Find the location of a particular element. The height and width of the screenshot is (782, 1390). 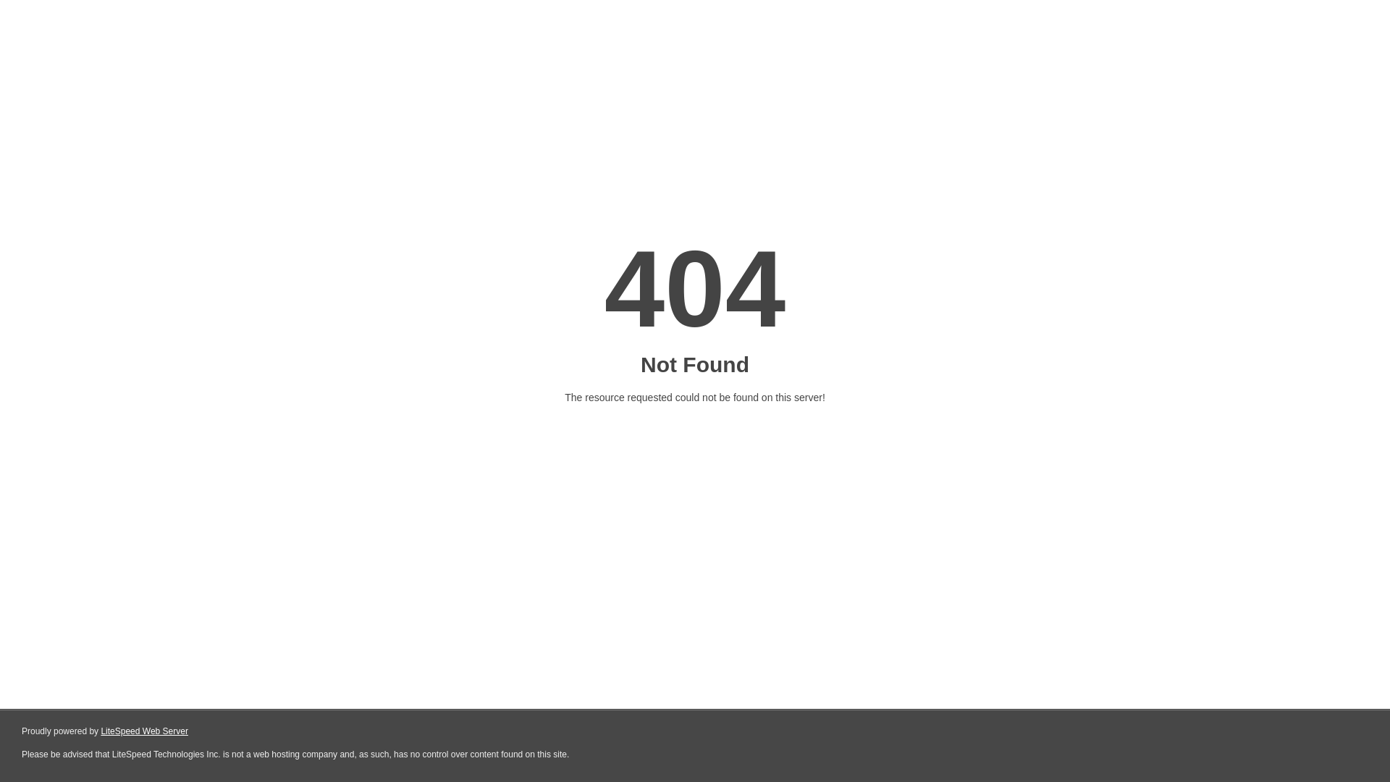

'LiteSpeed Web Server' is located at coordinates (100, 731).